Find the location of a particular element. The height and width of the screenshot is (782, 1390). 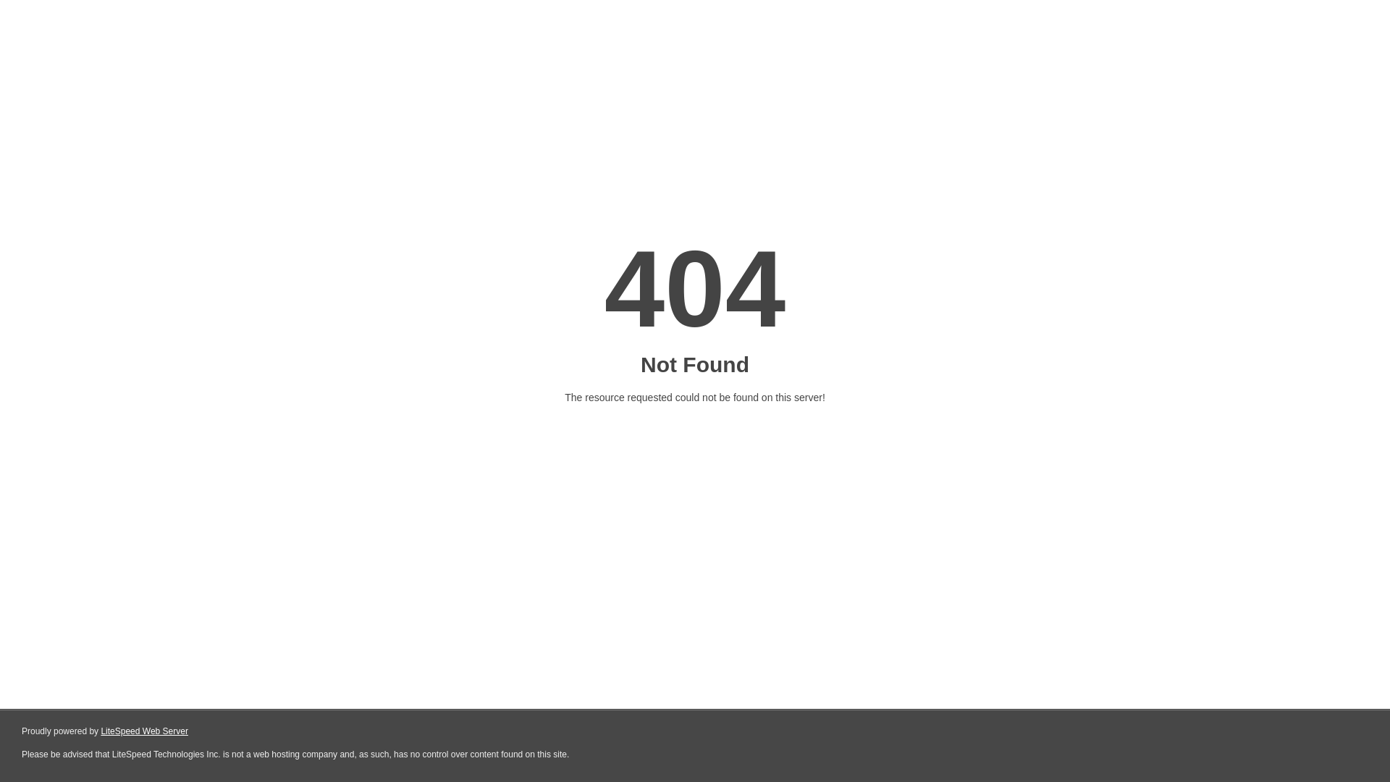

'LiteSpeed Web Server' is located at coordinates (100, 731).